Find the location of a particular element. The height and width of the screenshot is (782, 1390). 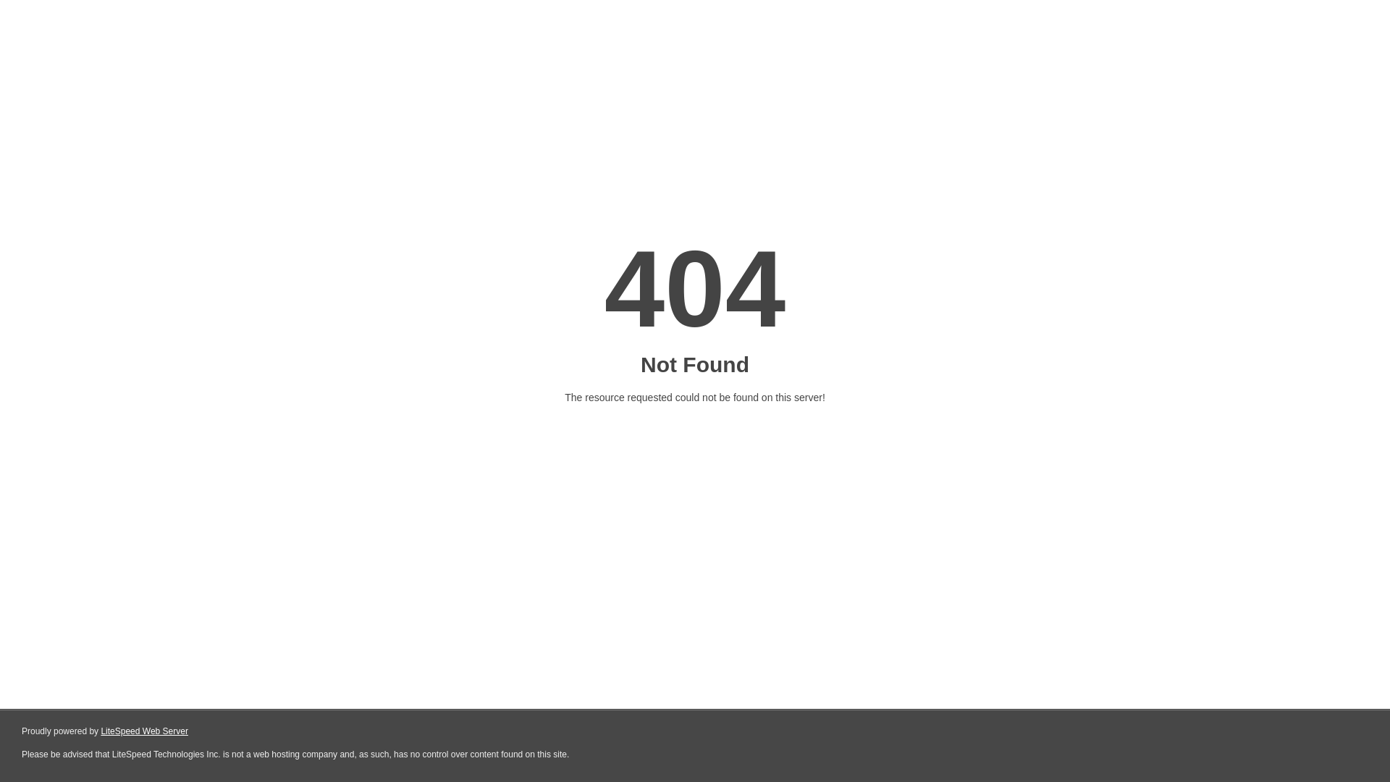

'LiteSpeed Web Server' is located at coordinates (100, 731).